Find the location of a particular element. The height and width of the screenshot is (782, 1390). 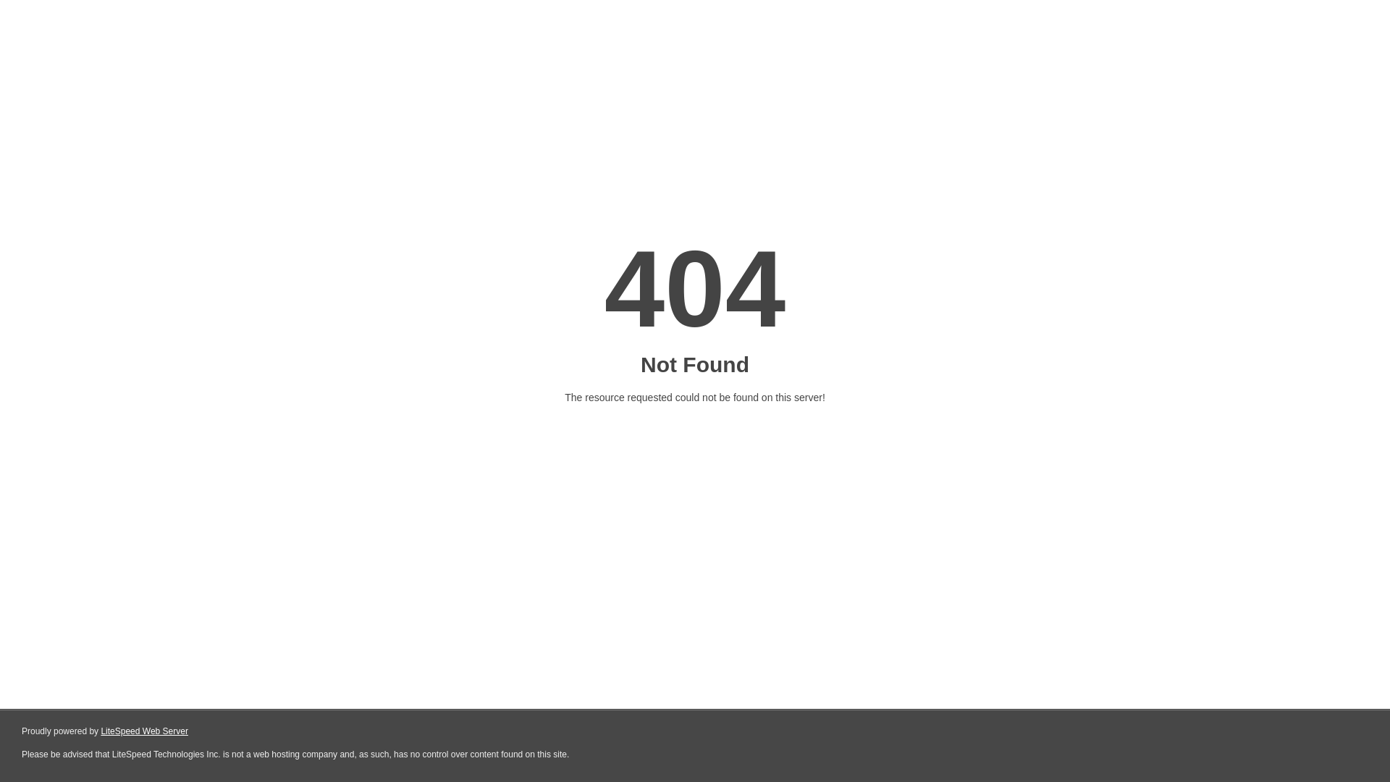

'LiteSpeed Web Server' is located at coordinates (100, 731).